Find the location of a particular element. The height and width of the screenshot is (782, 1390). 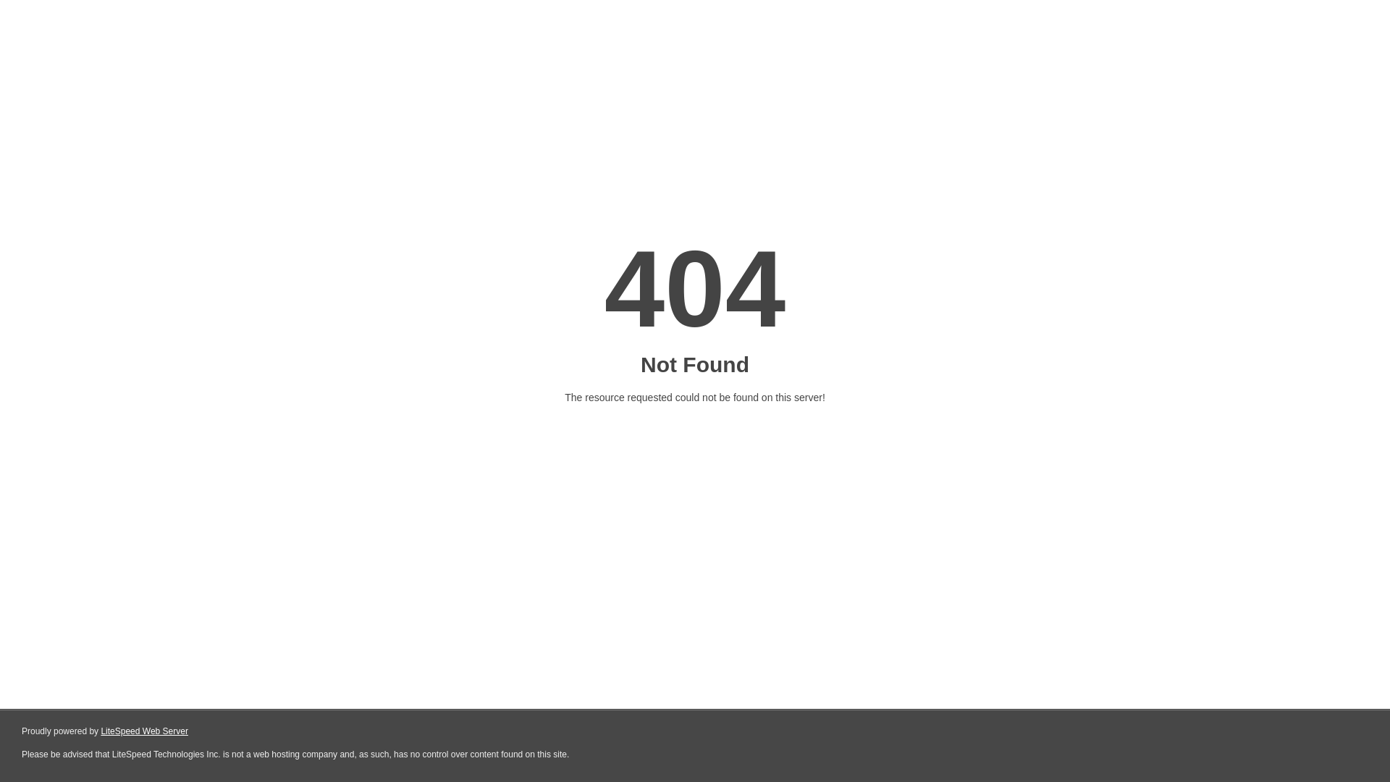

'LiteSpeed Web Server' is located at coordinates (100, 731).